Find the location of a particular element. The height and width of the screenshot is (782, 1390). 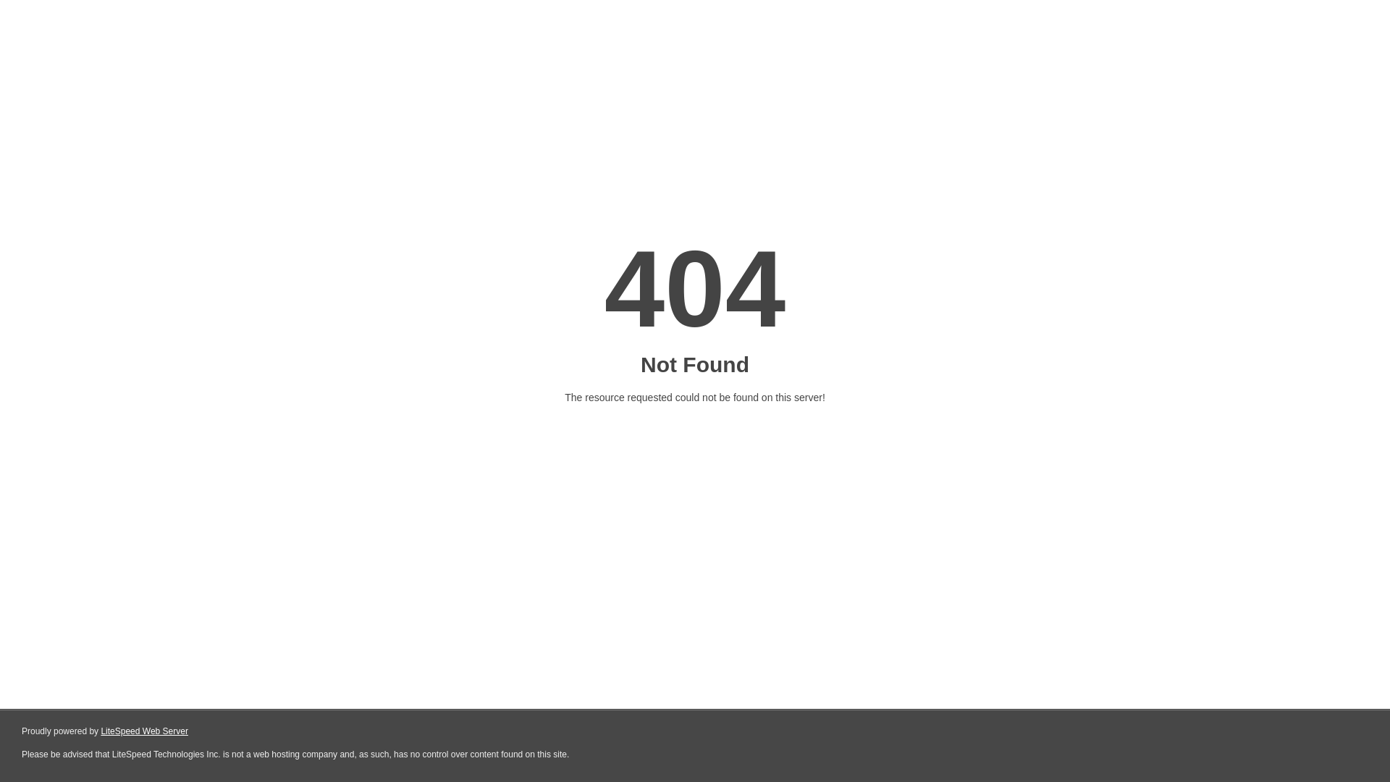

'LiteSpeed Web Server' is located at coordinates (100, 731).